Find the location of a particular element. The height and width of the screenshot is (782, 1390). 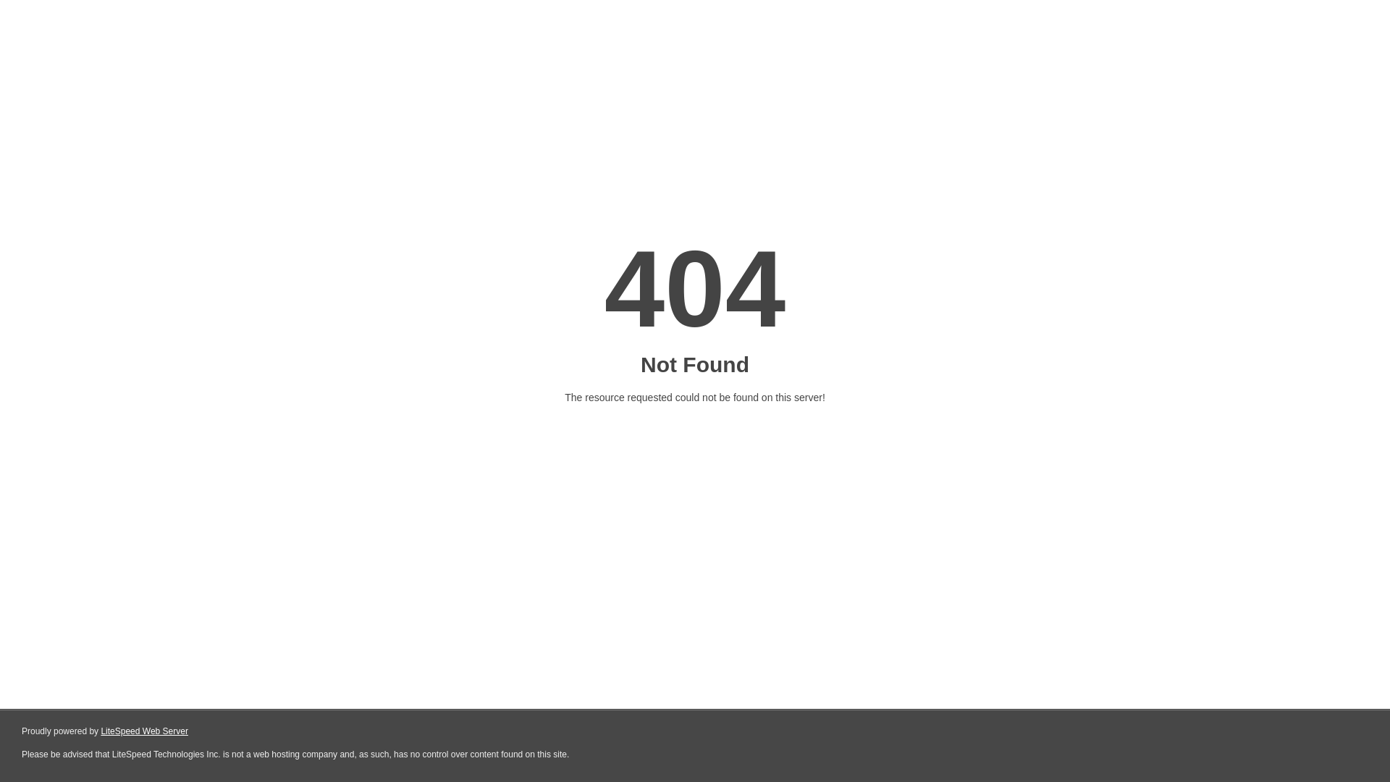

'LiteSpeed Web Server' is located at coordinates (100, 731).